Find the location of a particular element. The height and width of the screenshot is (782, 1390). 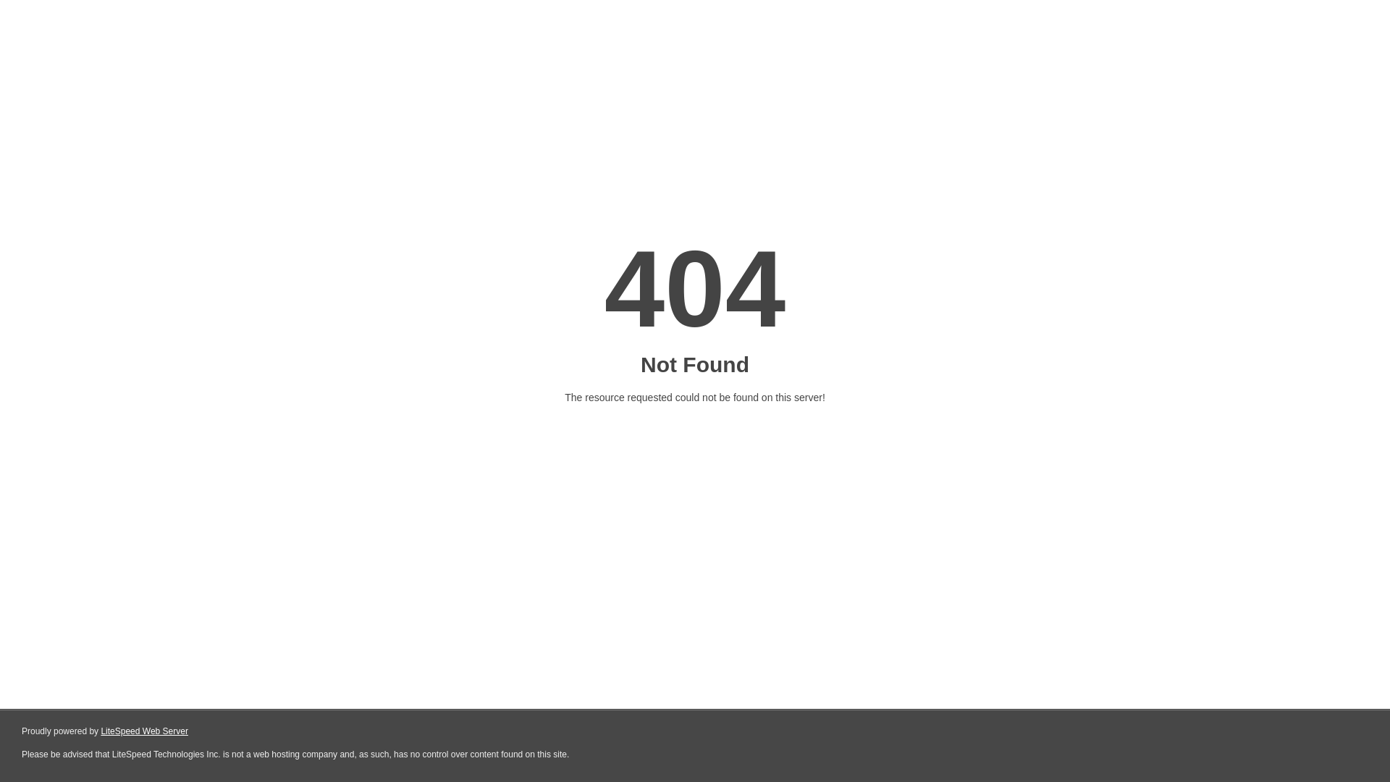

'LiteSpeed Web Server' is located at coordinates (100, 731).